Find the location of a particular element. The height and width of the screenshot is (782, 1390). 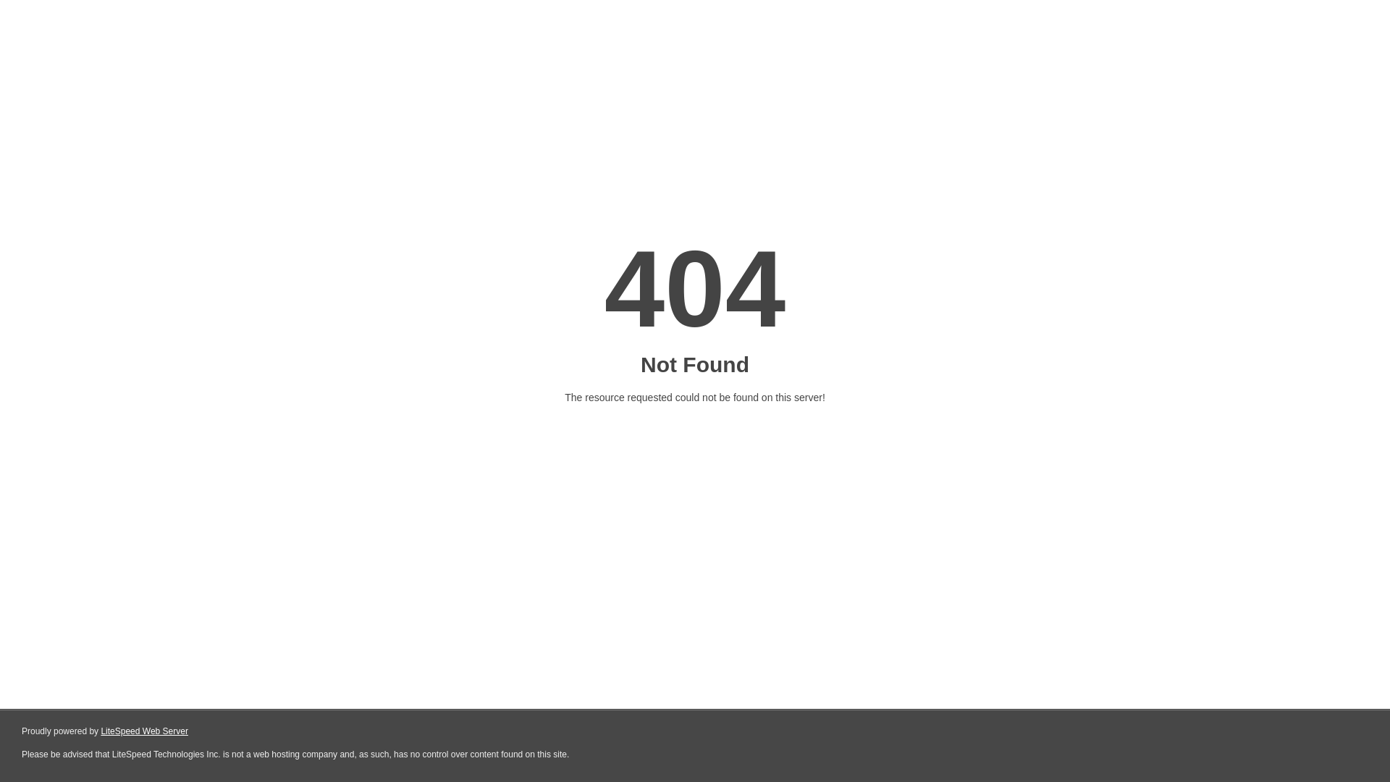

'LiteSpeed Web Server' is located at coordinates (100, 731).